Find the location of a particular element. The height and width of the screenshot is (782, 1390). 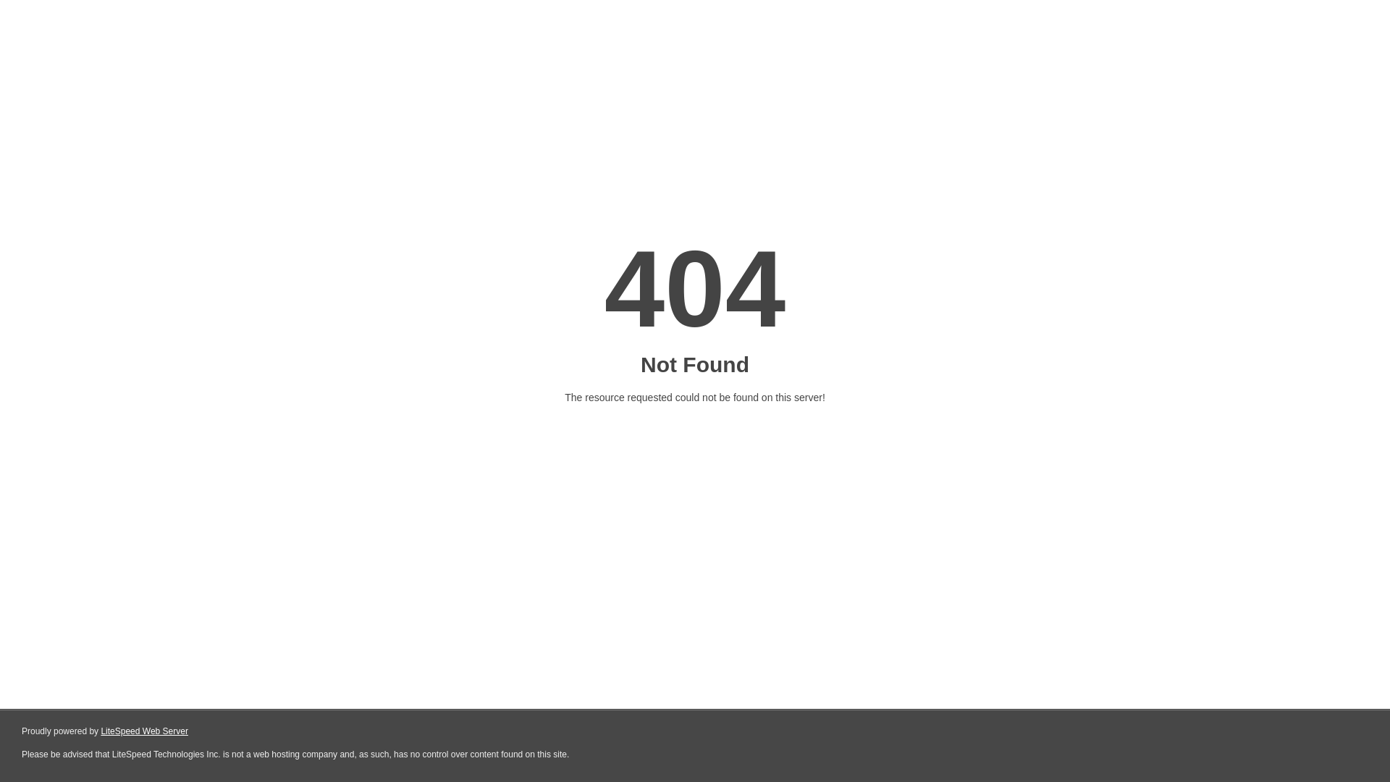

'LiteSpeed Web Server' is located at coordinates (100, 731).